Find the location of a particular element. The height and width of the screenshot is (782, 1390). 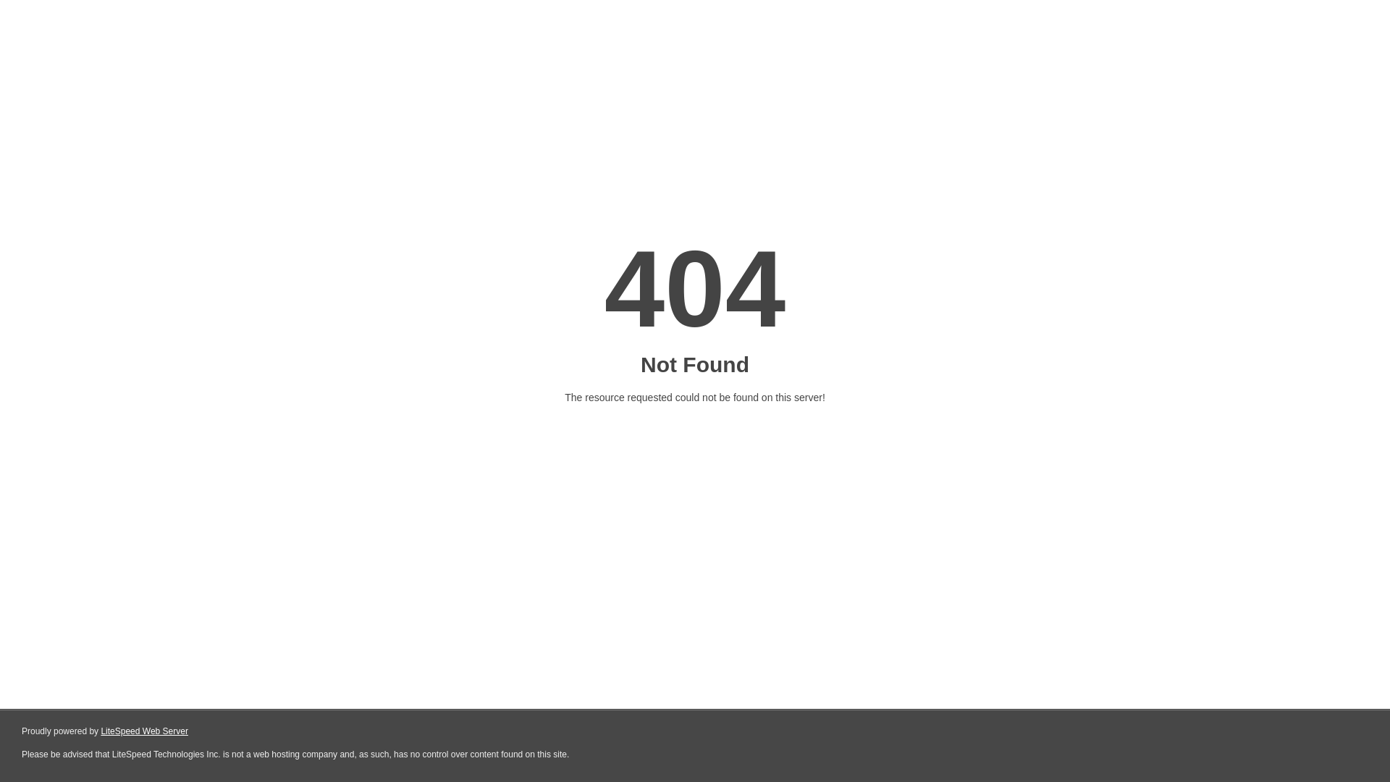

'LiteSpeed Web Server' is located at coordinates (100, 731).